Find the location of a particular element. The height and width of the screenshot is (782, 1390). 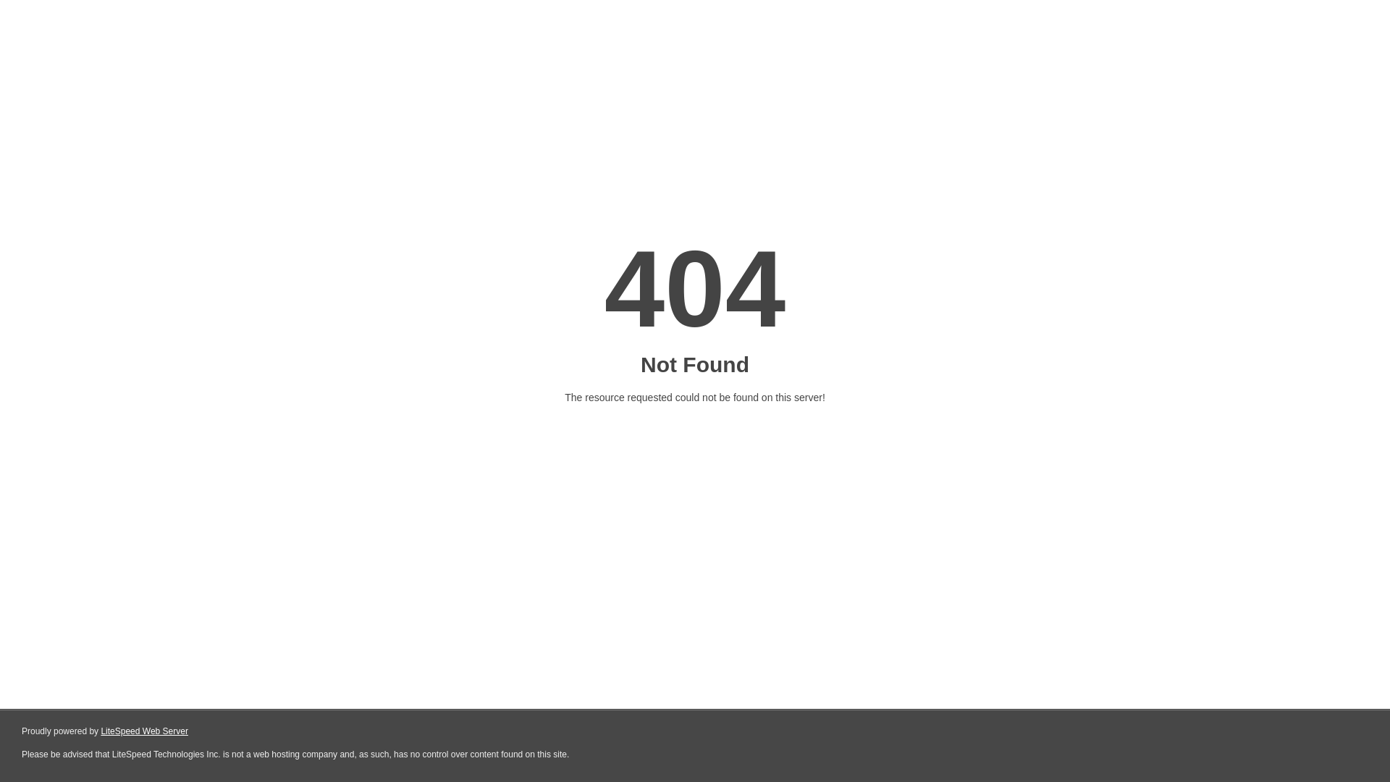

'LiteSpeed Web Server' is located at coordinates (100, 731).